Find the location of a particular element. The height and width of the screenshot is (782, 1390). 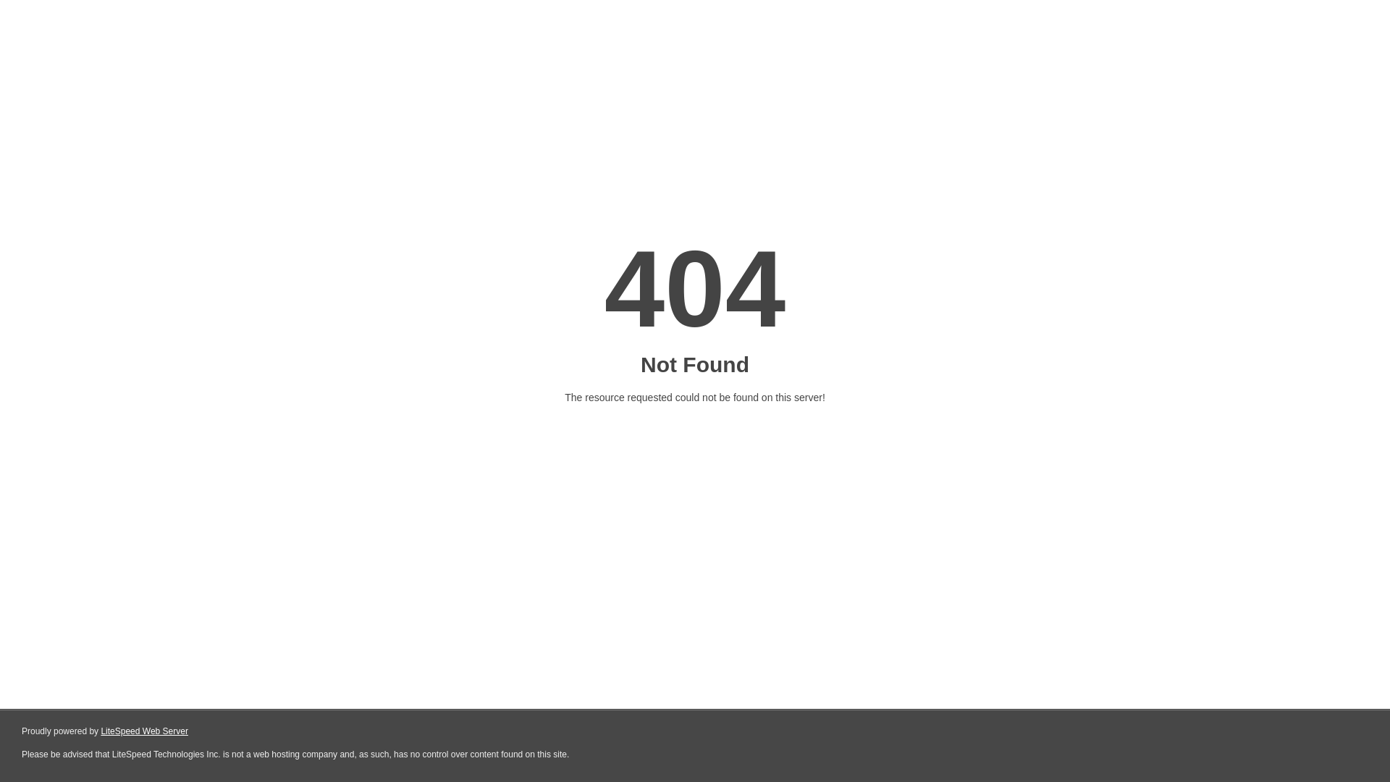

'LiteSpeed Web Server' is located at coordinates (100, 731).